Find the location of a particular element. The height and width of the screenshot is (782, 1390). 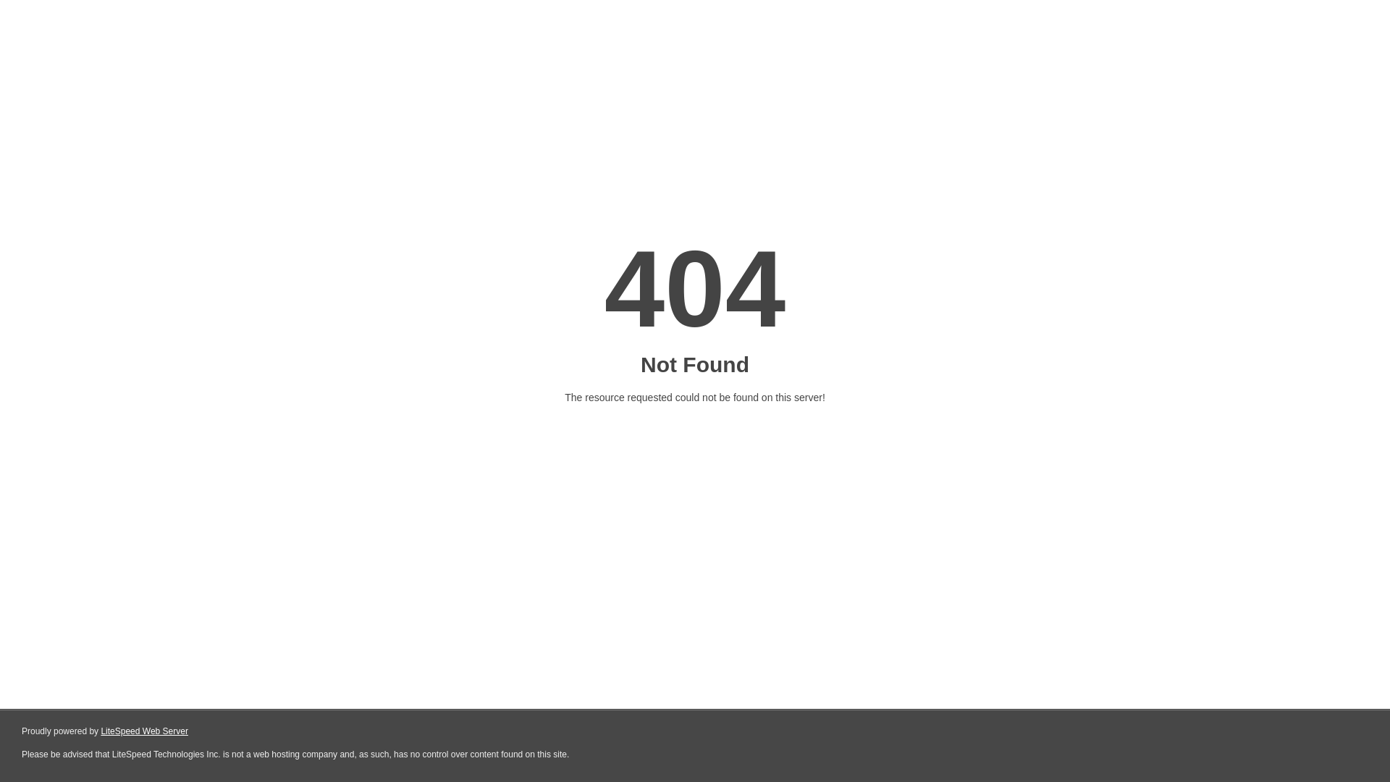

'LiteSpeed Web Server' is located at coordinates (100, 731).